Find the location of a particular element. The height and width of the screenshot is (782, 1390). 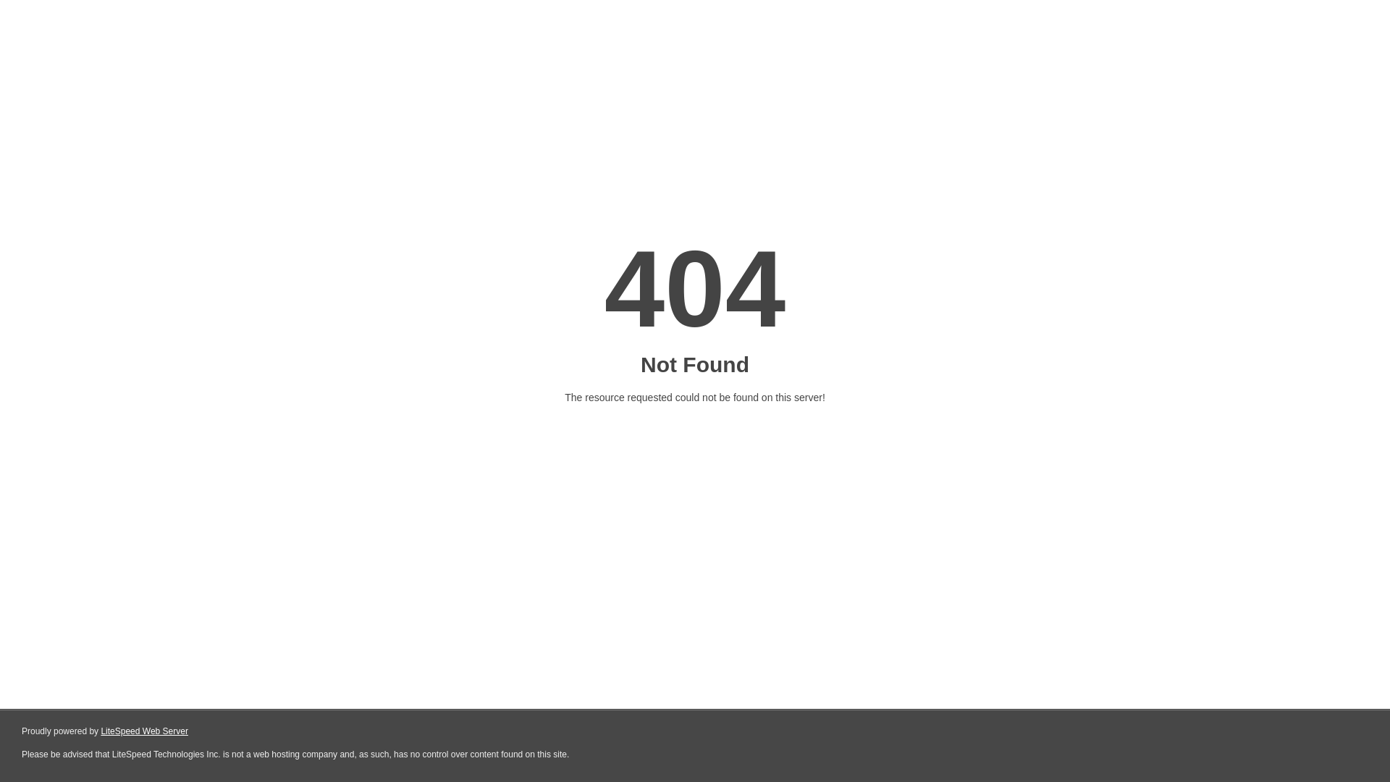

'LiteSpeed Web Server' is located at coordinates (100, 731).